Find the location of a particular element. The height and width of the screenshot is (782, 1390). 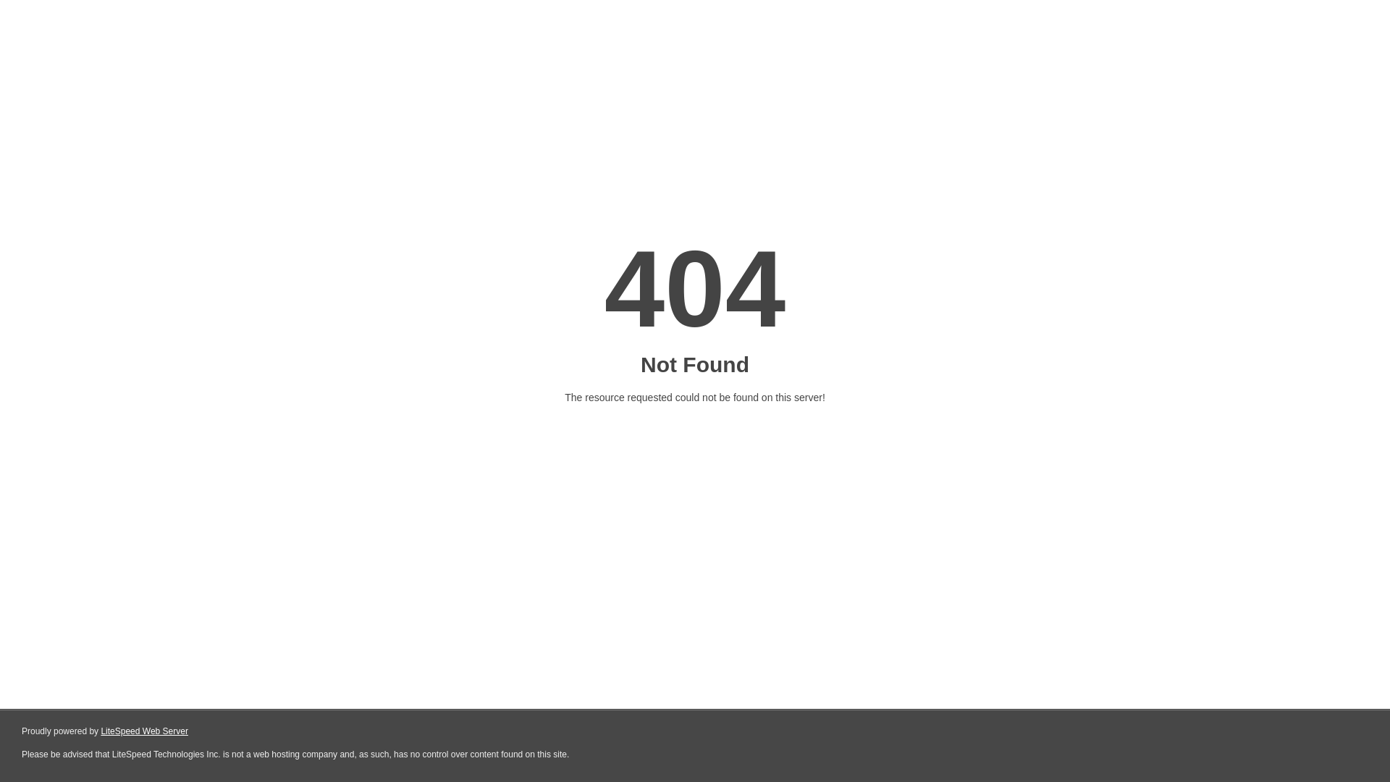

'LiteSpeed Web Server' is located at coordinates (100, 731).